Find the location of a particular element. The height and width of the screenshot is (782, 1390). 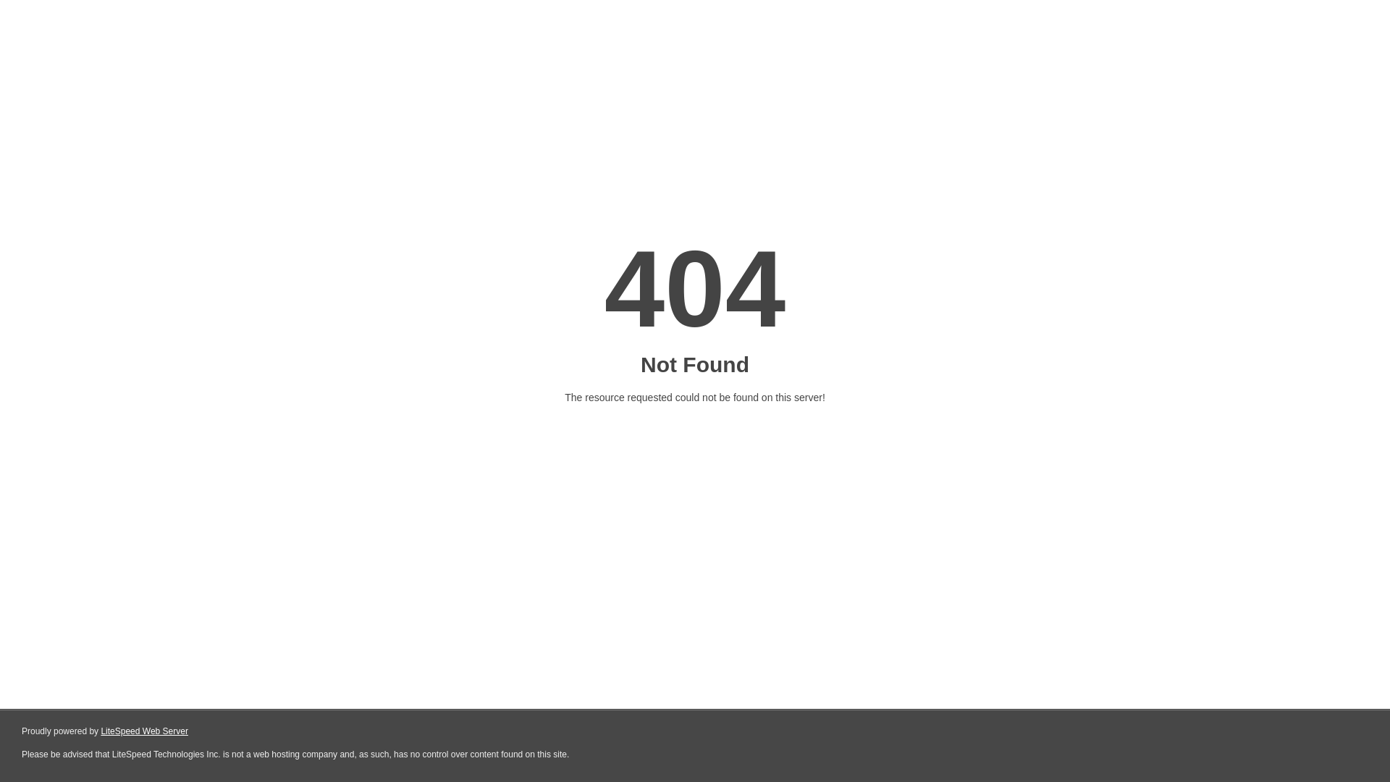

'LiteSpeed Web Server' is located at coordinates (100, 731).